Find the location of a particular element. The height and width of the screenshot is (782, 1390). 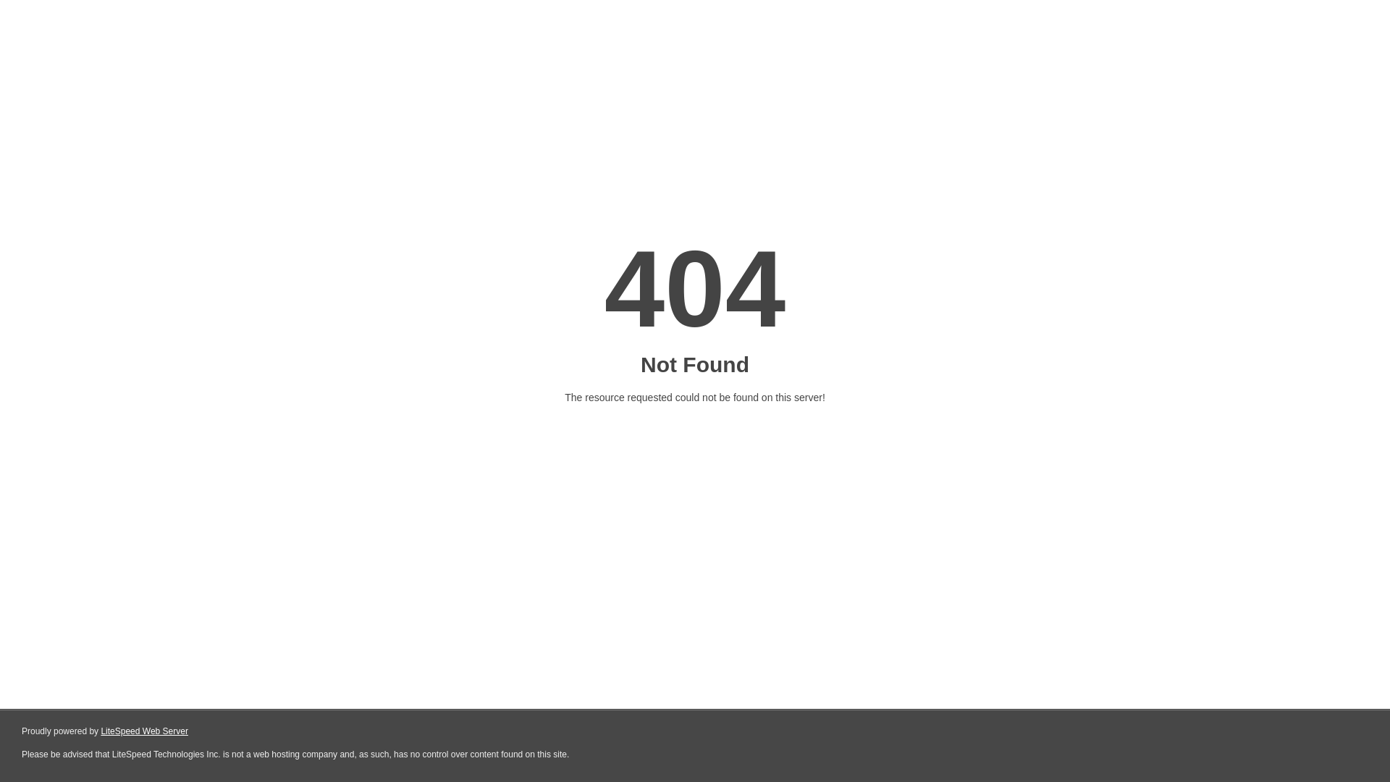

'LiteSpeed Web Server' is located at coordinates (100, 731).